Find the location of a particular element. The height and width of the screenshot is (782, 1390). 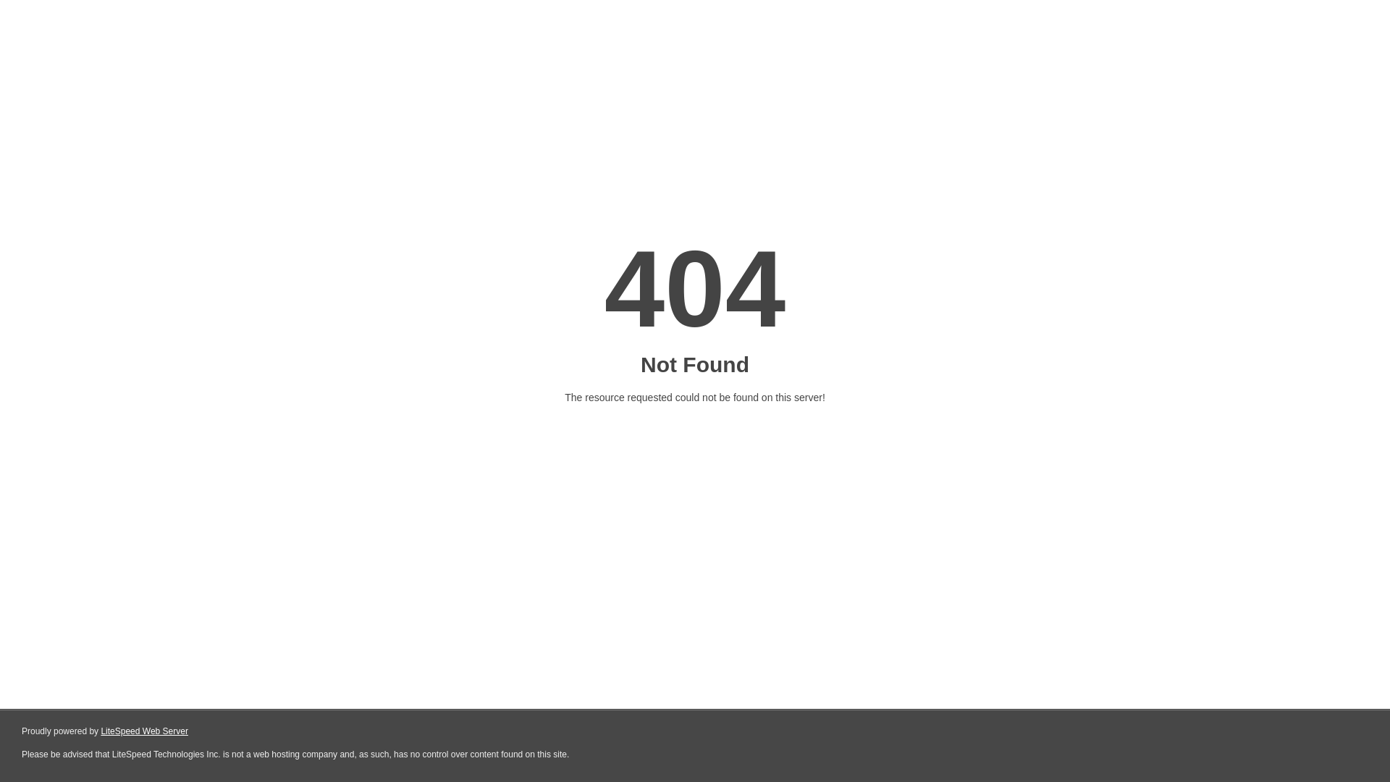

'LiteSpeed Web Server' is located at coordinates (100, 731).